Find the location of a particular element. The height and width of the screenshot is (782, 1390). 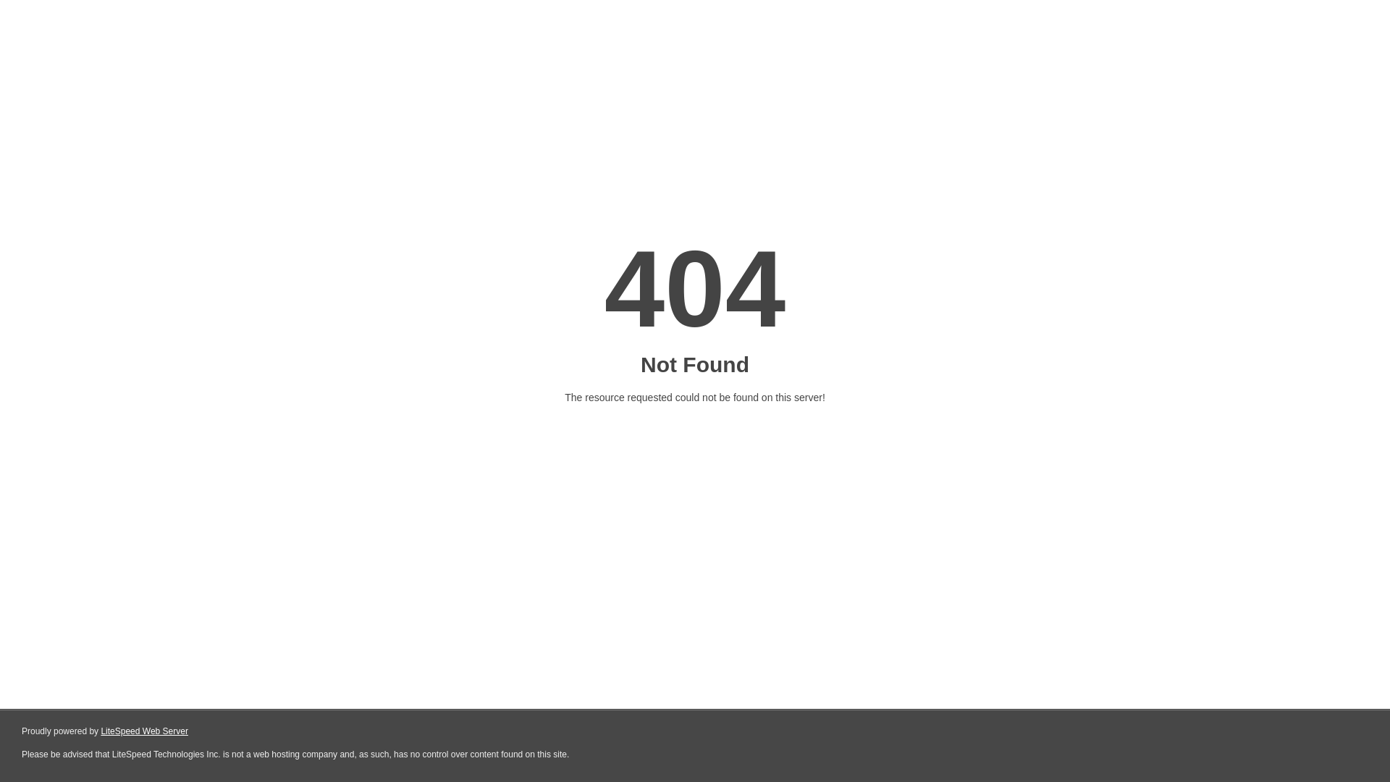

'LiteSpeed Web Server' is located at coordinates (100, 731).